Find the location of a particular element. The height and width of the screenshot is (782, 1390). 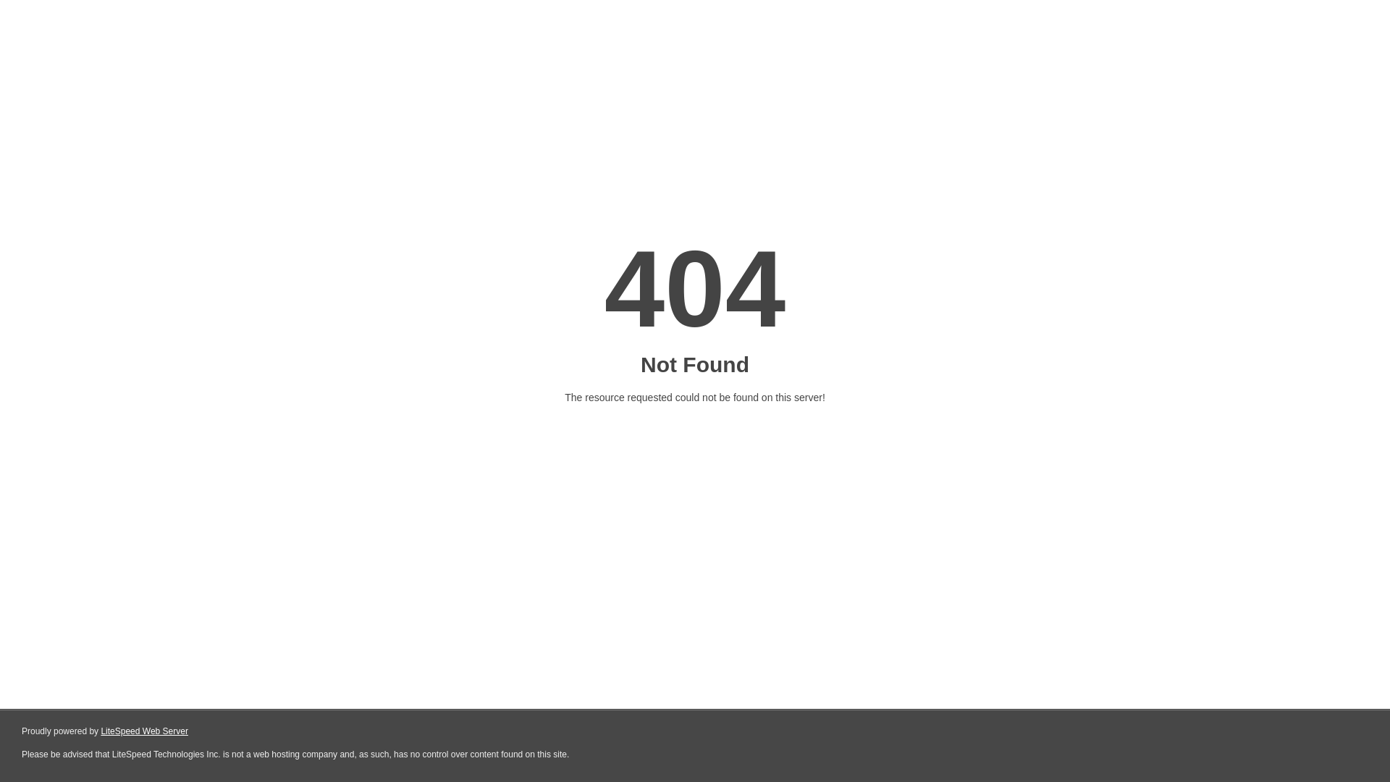

'LiteSpeed Web Server' is located at coordinates (100, 731).